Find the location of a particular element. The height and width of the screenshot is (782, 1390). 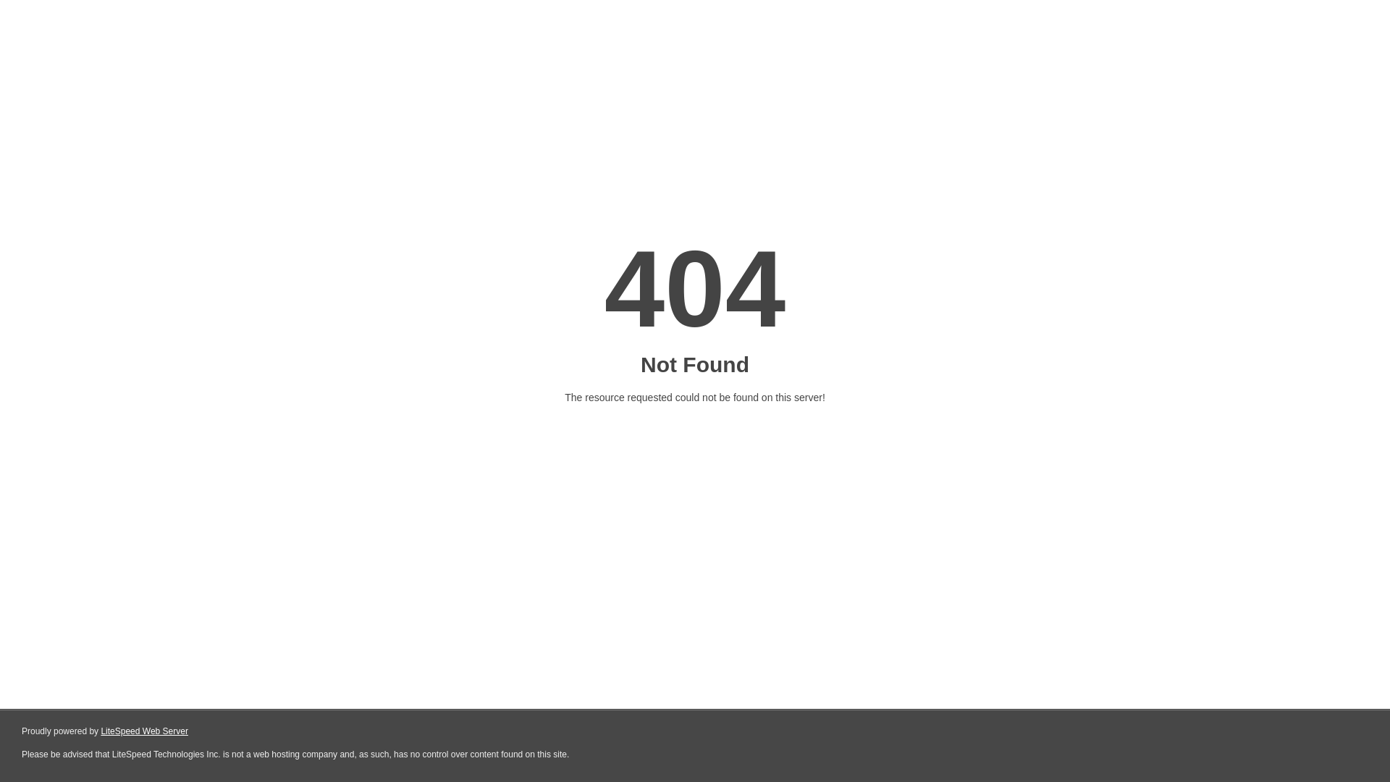

'LiteSpeed Web Server' is located at coordinates (100, 731).